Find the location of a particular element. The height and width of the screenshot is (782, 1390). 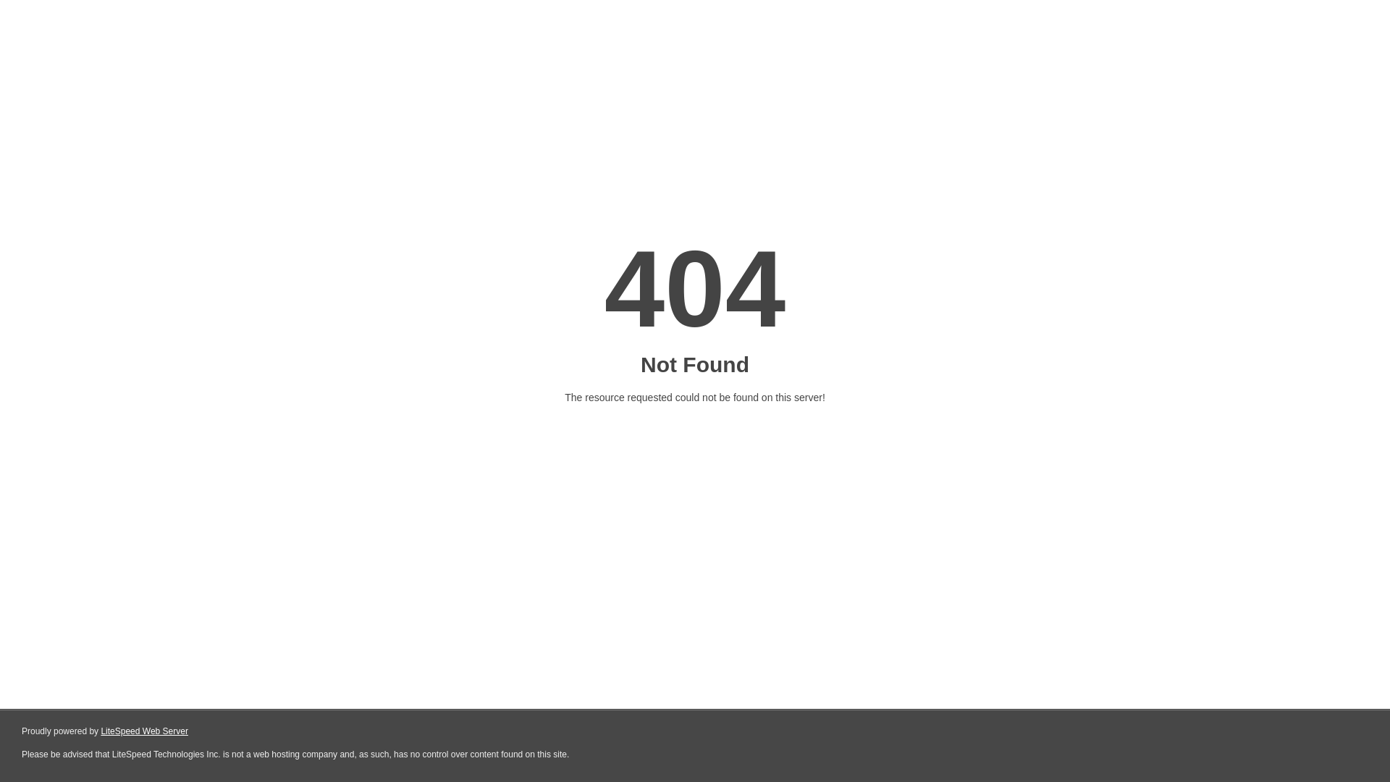

'LiteSpeed Web Server' is located at coordinates (100, 731).